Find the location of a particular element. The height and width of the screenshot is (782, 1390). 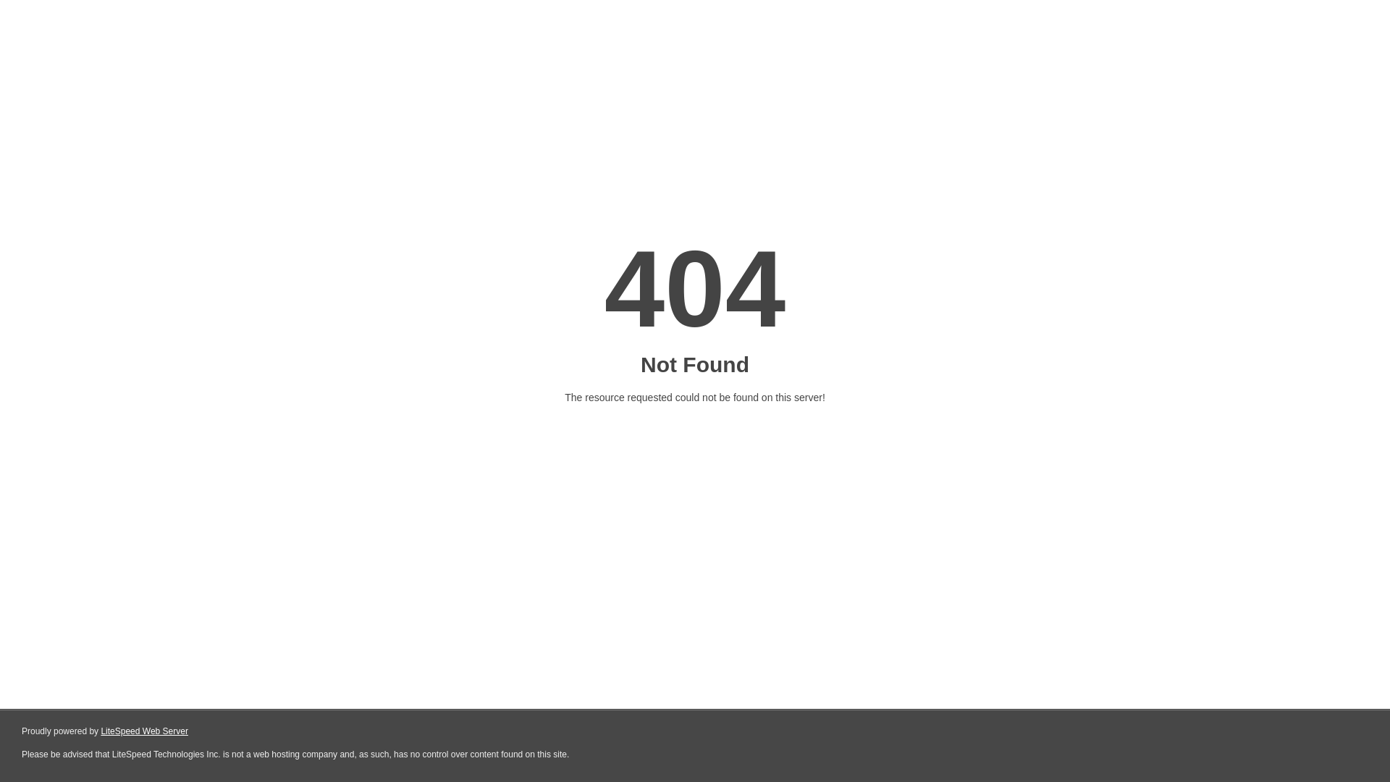

'LiteSpeed Web Server' is located at coordinates (100, 731).